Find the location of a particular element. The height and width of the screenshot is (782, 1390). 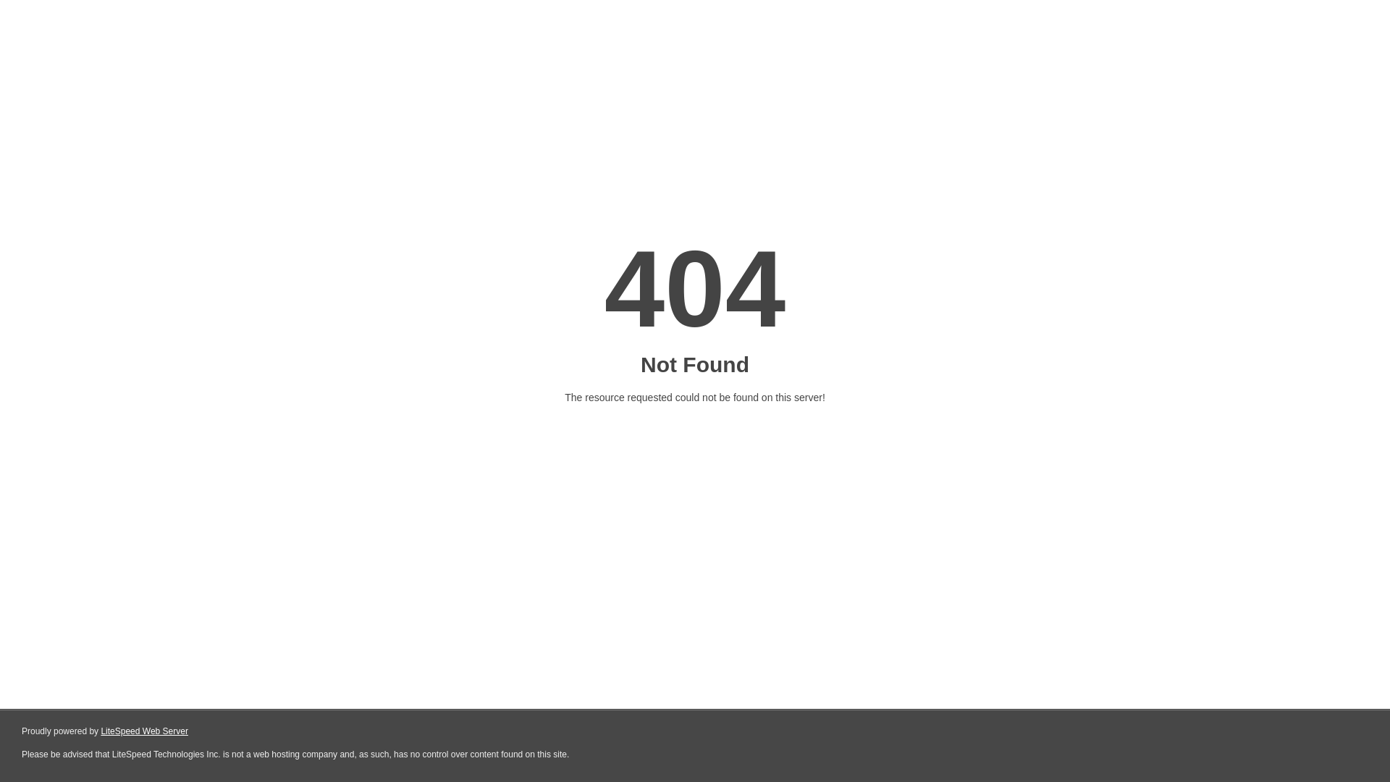

'LiteSpeed Web Server' is located at coordinates (100, 731).